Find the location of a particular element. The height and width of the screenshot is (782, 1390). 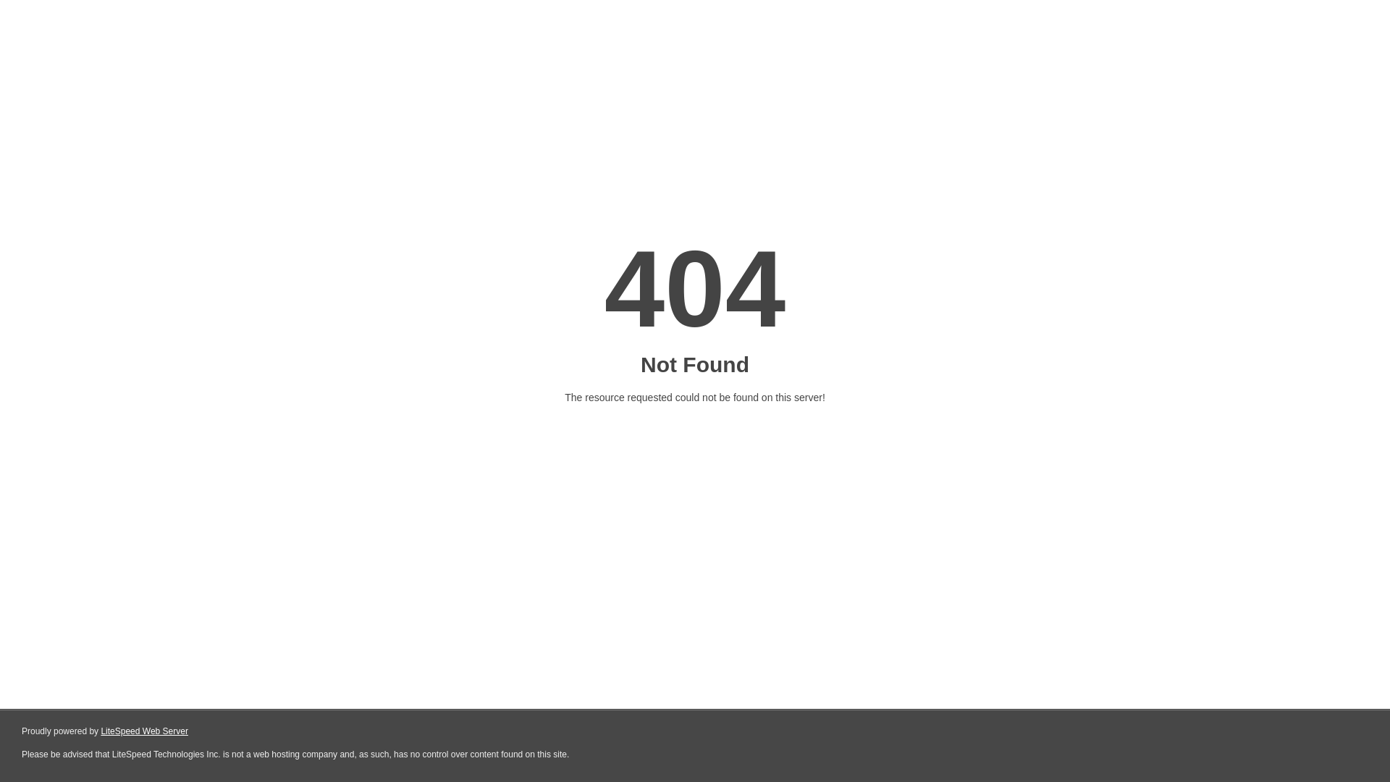

'LiteSpeed Web Server' is located at coordinates (100, 731).